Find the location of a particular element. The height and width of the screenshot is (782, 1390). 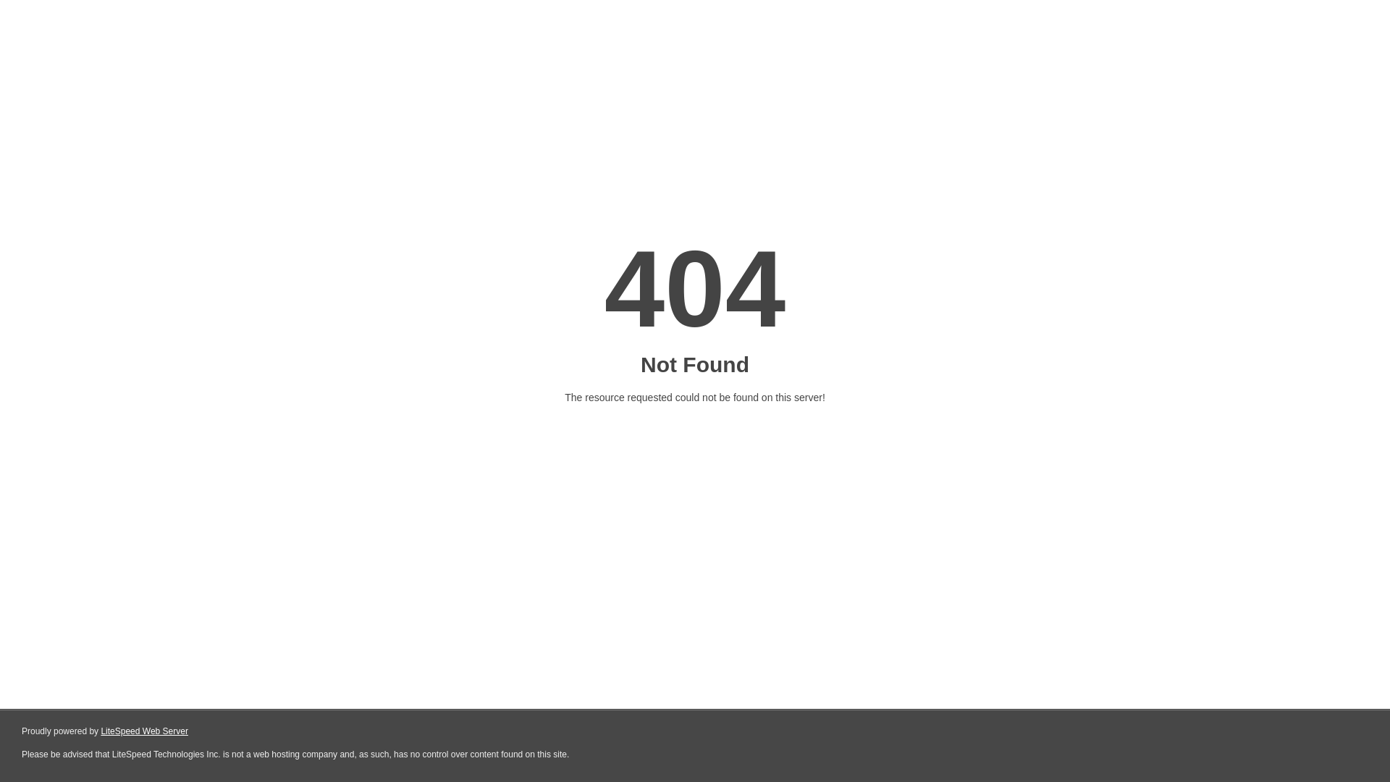

'LiteSpeed Web Server' is located at coordinates (100, 731).